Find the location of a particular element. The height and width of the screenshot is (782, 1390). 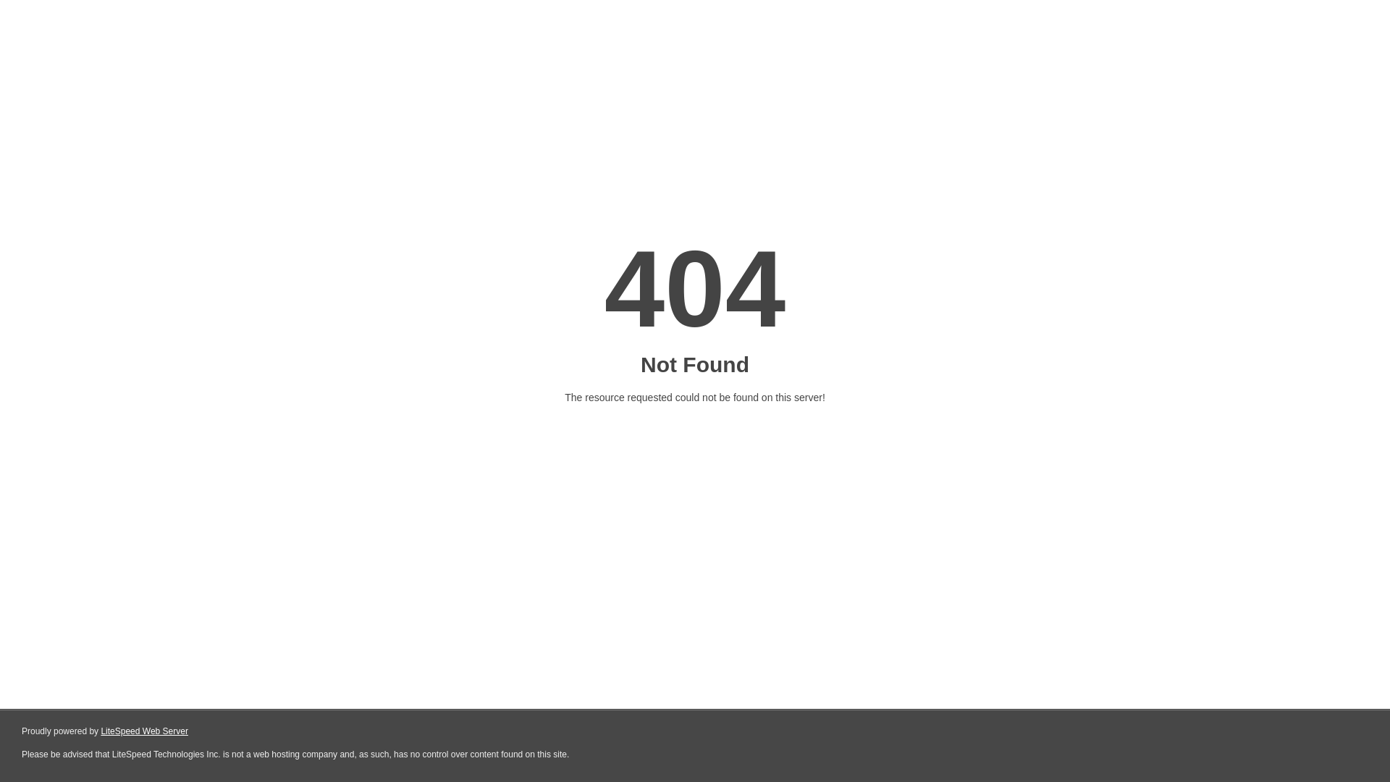

'LiteSpeed Web Server' is located at coordinates (100, 731).